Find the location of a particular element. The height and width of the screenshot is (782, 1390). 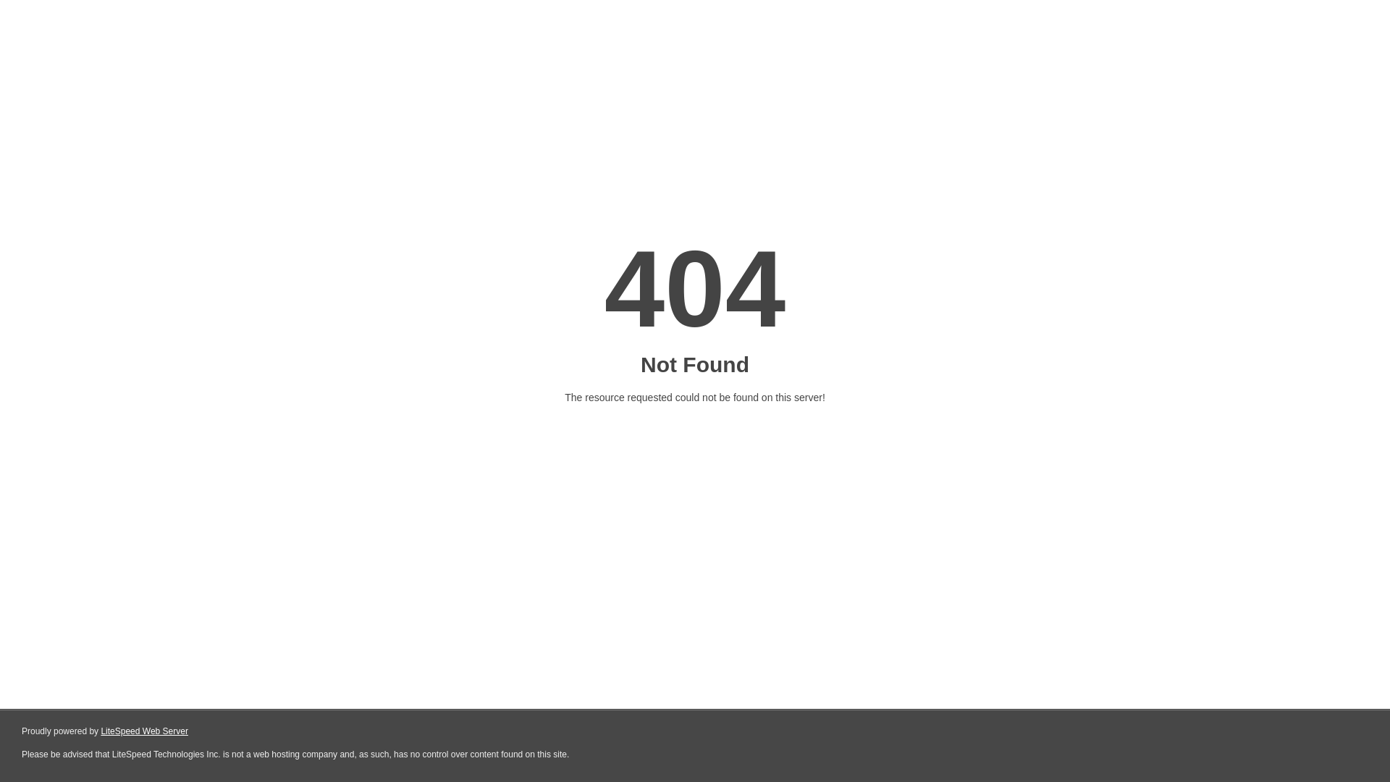

'LiteSpeed Web Server' is located at coordinates (100, 731).